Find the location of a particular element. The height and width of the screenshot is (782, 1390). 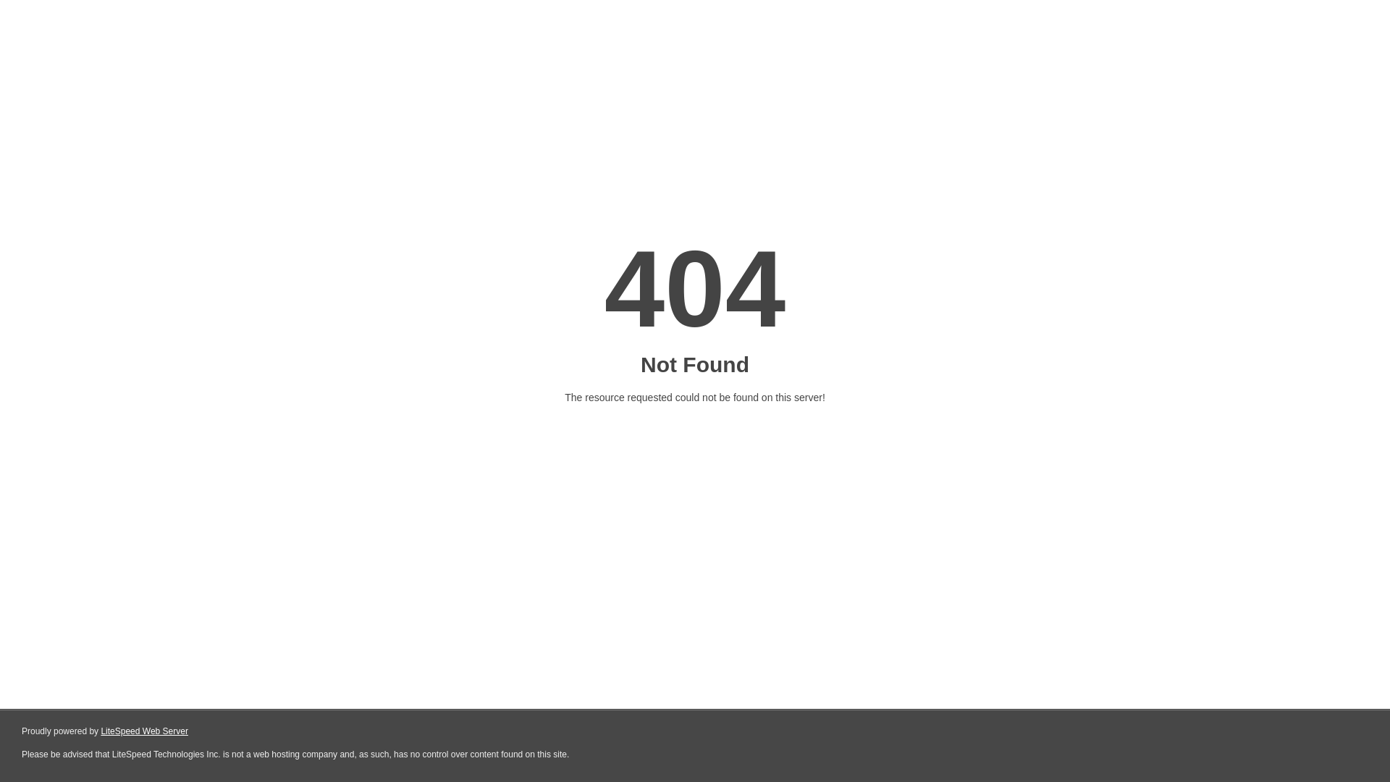

'LiteSpeed Web Server' is located at coordinates (100, 731).